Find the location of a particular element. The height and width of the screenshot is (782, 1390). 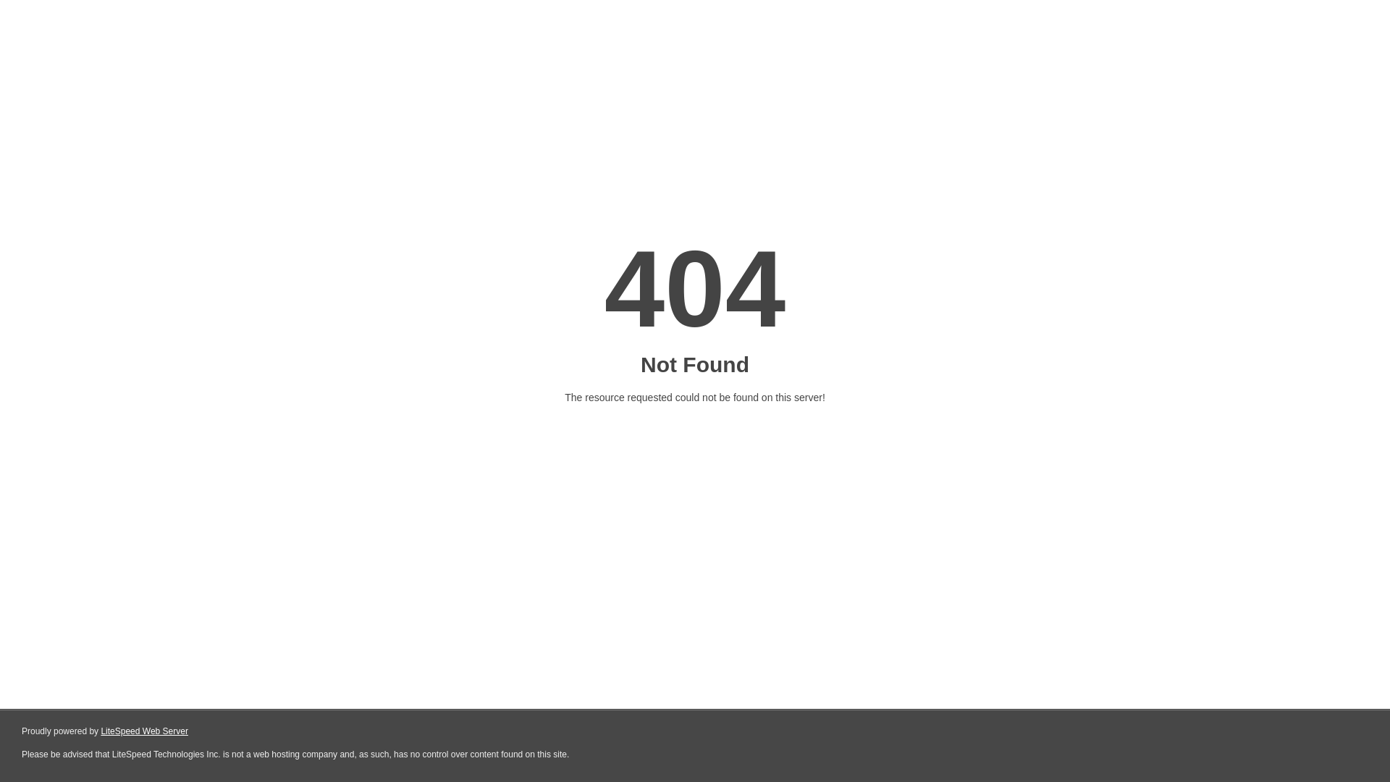

'LiteSpeed Web Server' is located at coordinates (100, 731).